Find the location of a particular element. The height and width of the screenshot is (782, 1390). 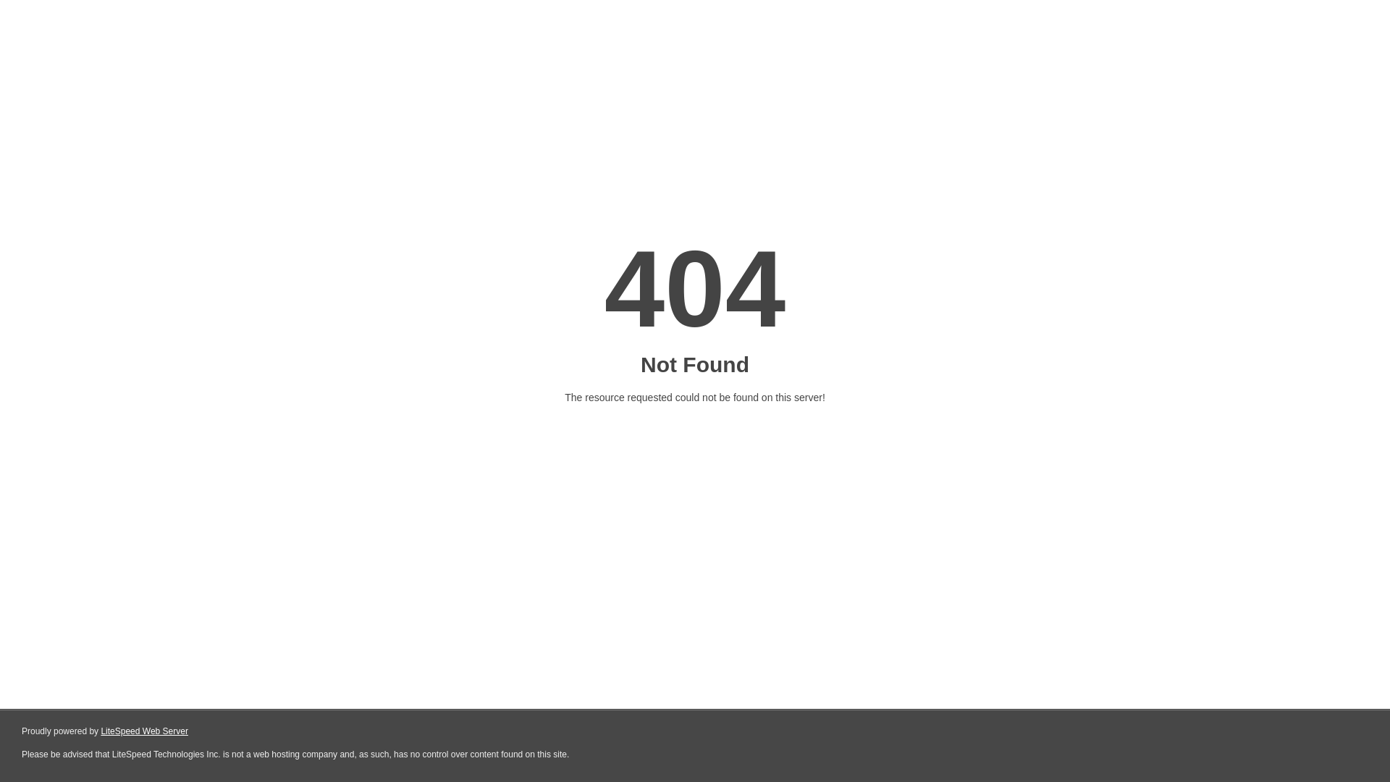

'LiteSpeed Web Server' is located at coordinates (100, 731).